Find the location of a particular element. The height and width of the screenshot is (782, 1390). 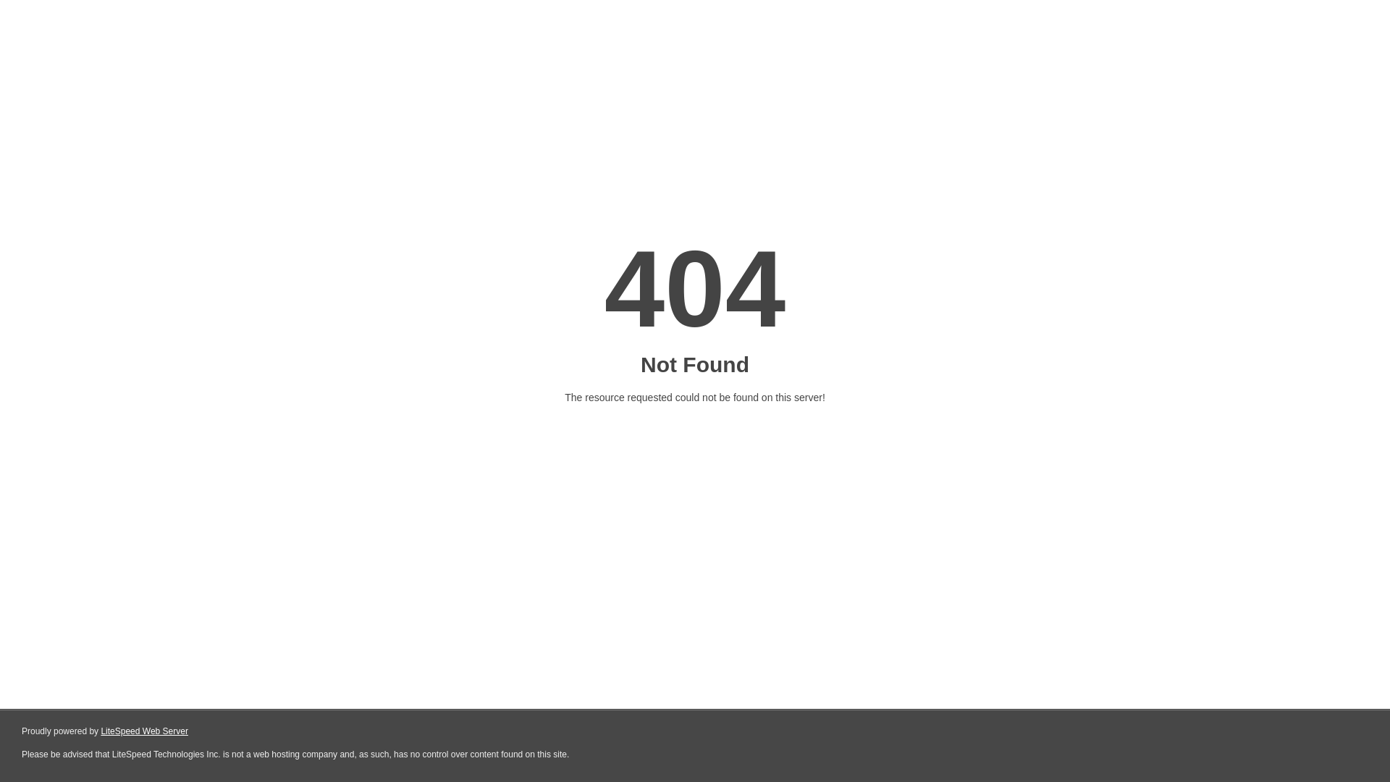

'LiteSpeed Web Server' is located at coordinates (100, 731).